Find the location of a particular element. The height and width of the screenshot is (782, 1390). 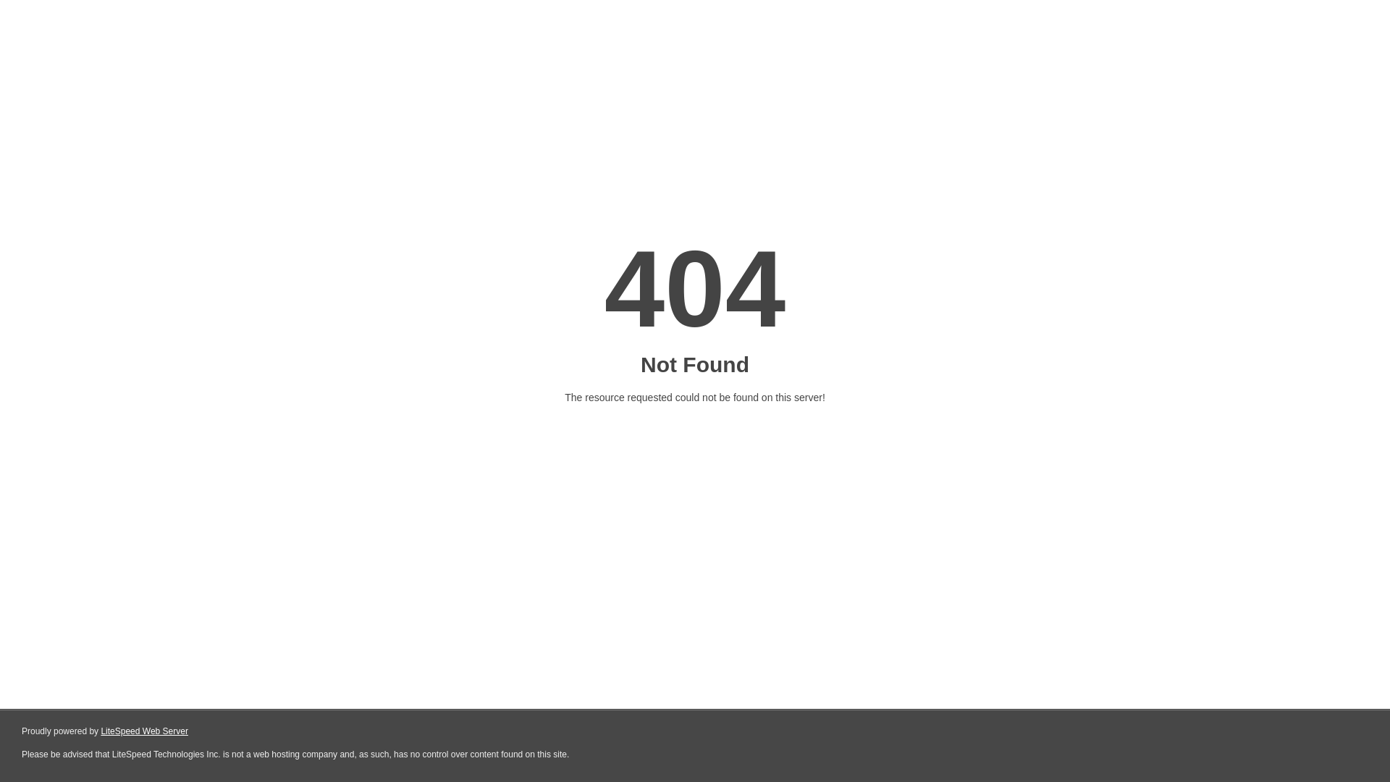

'LiteSpeed Web Server' is located at coordinates (100, 731).